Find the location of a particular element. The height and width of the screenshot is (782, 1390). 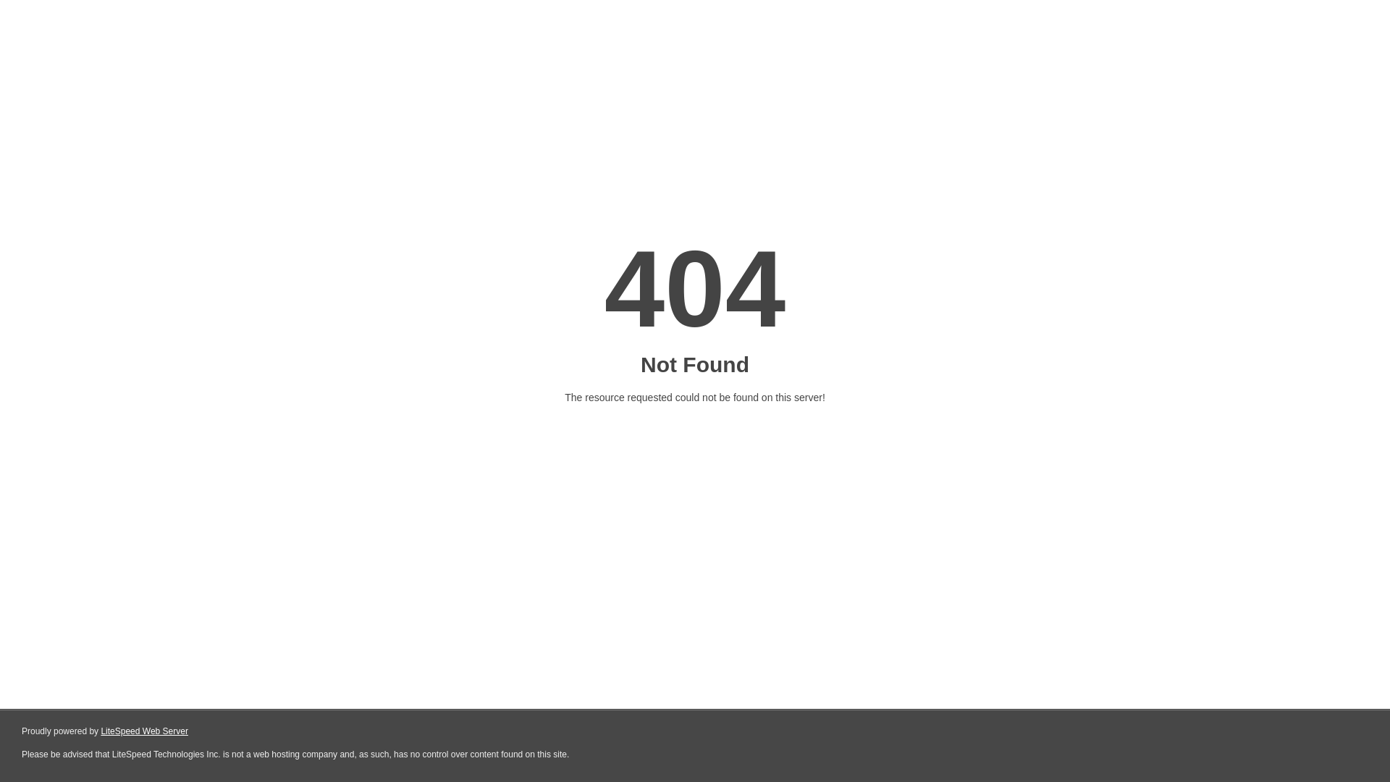

'LiteSpeed Web Server' is located at coordinates (100, 731).